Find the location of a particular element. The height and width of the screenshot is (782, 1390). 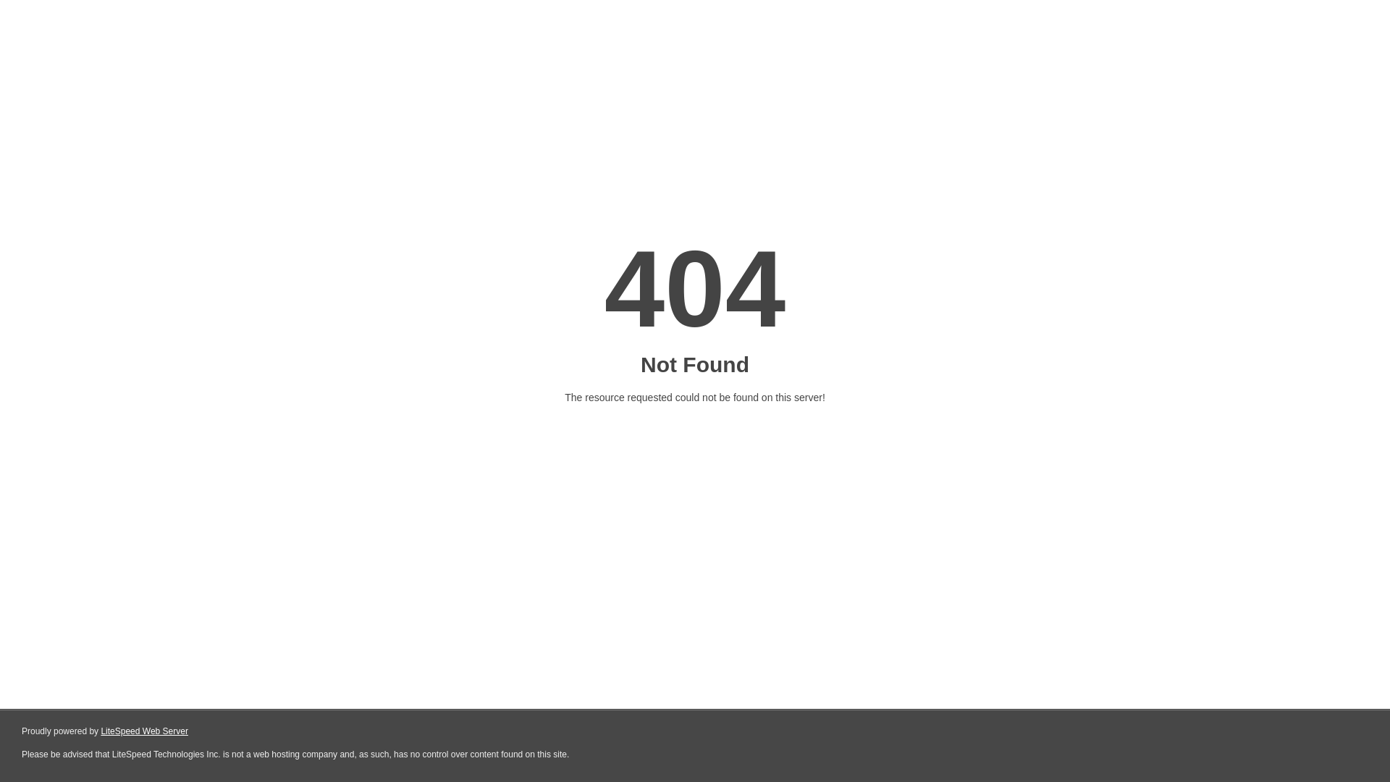

'LiteSpeed Web Server' is located at coordinates (100, 731).